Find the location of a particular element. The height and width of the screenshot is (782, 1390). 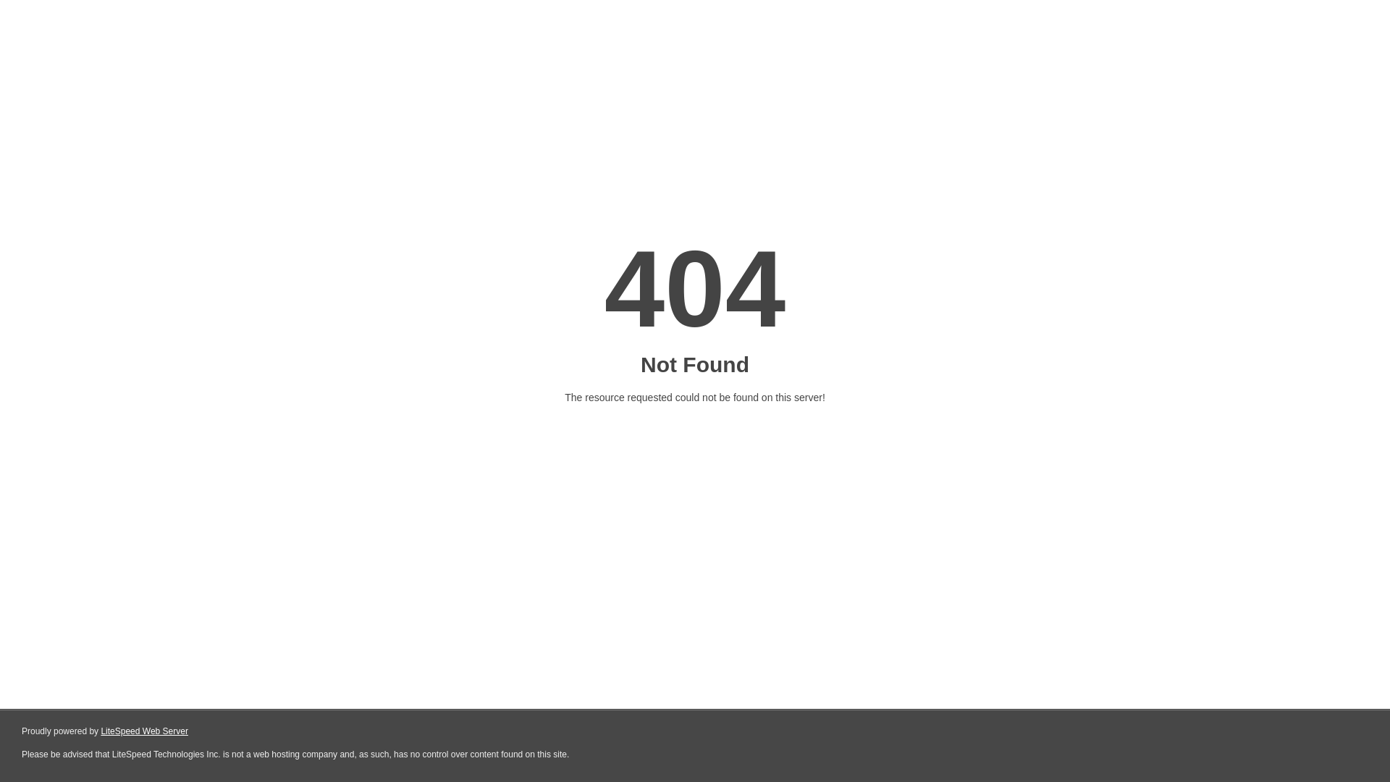

'LiteSpeed Web Server' is located at coordinates (100, 731).